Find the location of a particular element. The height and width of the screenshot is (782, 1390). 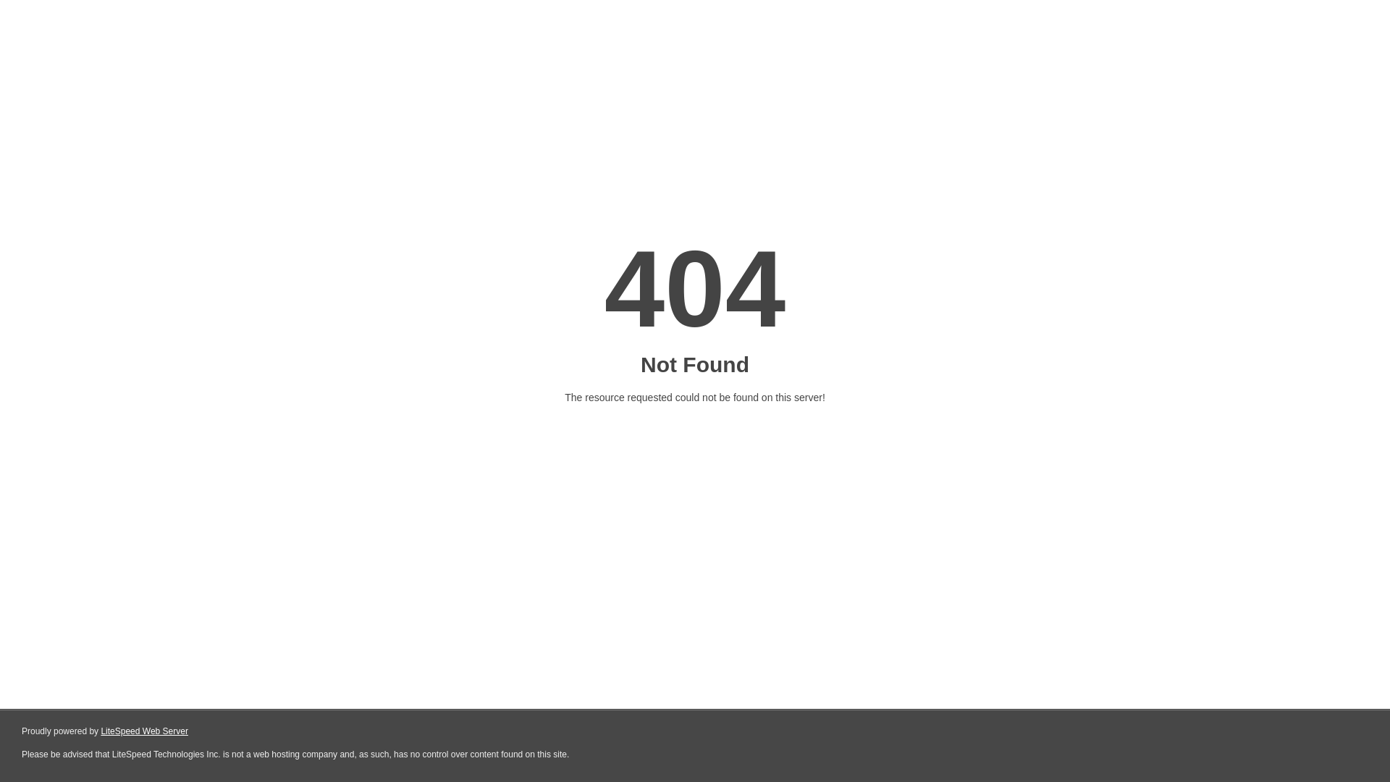

'LiteSpeed Web Server' is located at coordinates (100, 731).